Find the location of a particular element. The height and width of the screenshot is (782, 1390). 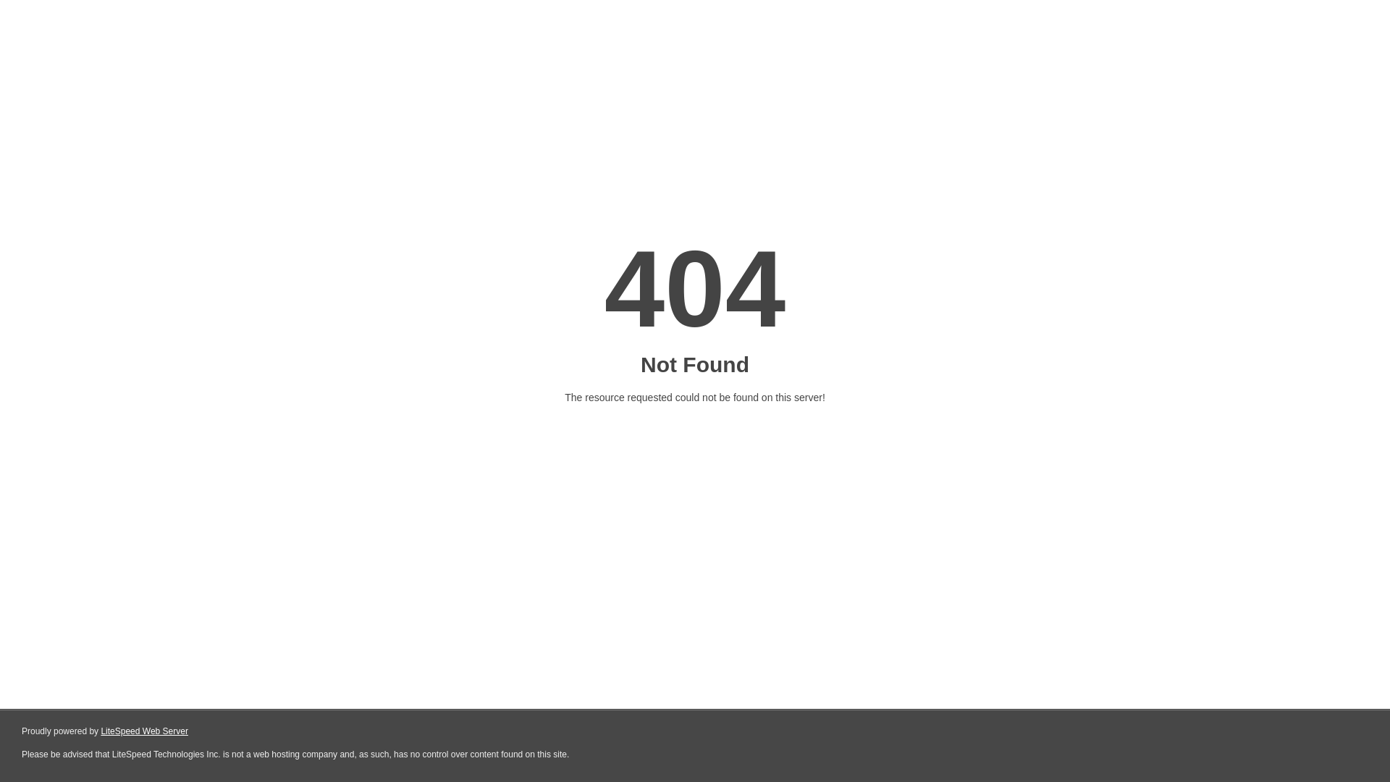

'LiteSpeed Web Server' is located at coordinates (100, 731).